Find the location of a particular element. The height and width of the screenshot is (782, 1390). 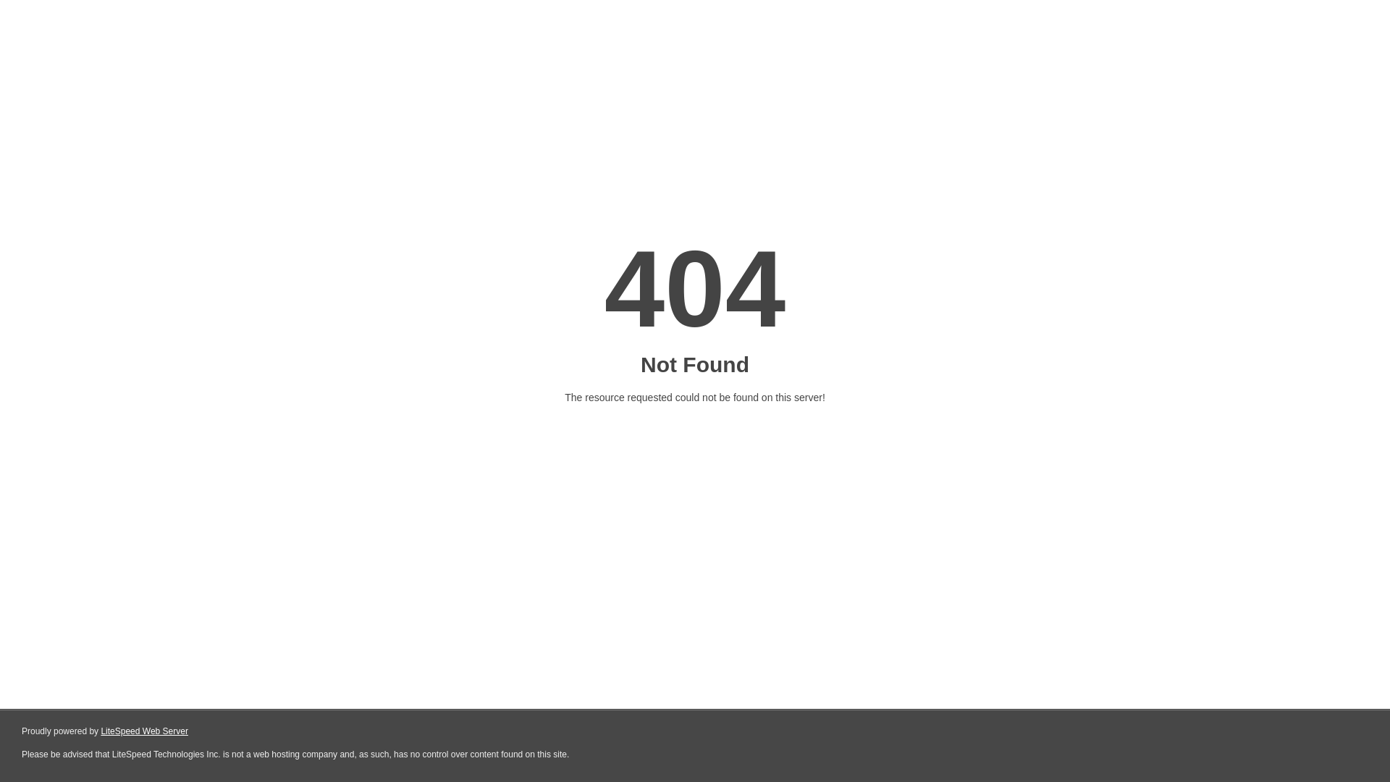

'LiteSpeed Web Server' is located at coordinates (100, 731).